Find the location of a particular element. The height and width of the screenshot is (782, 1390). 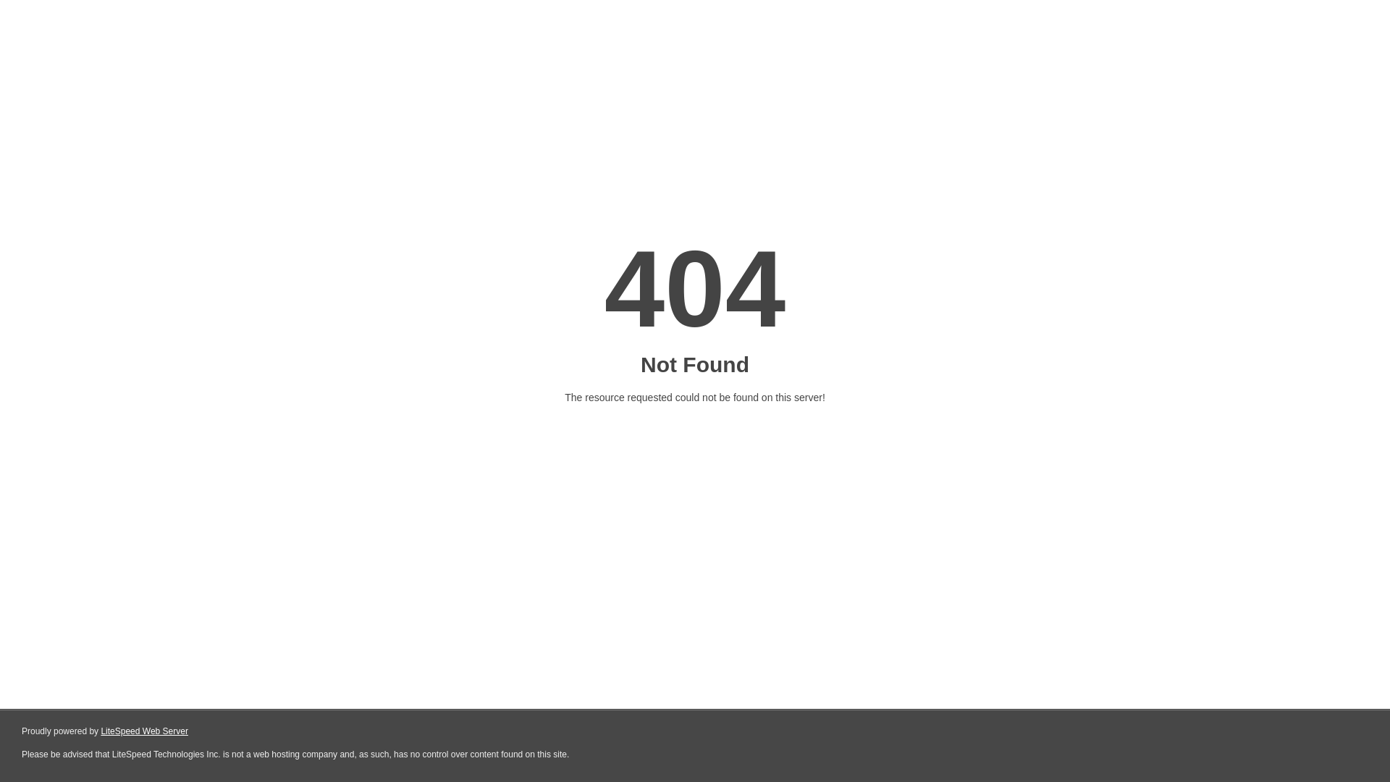

'LiteSpeed Web Server' is located at coordinates (100, 731).